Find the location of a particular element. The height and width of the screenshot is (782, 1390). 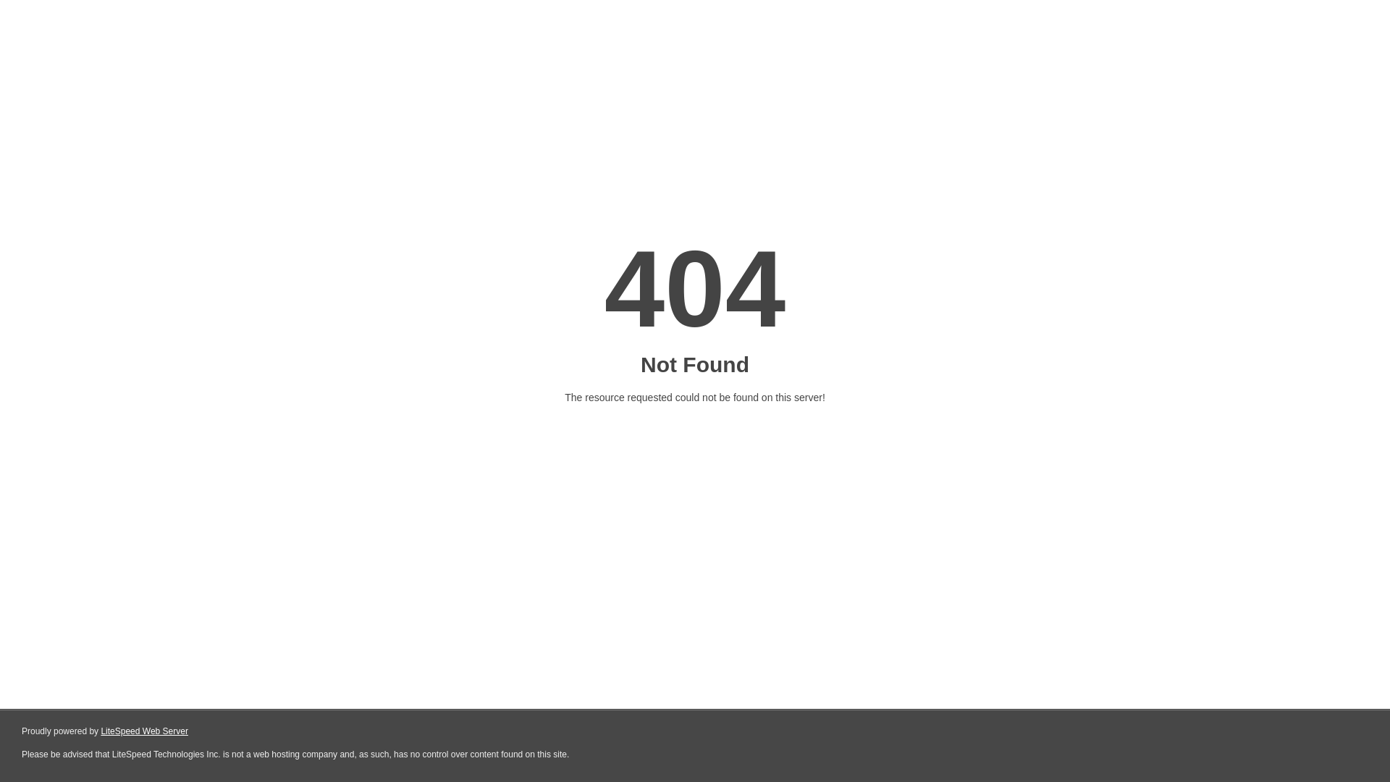

'LiteSpeed Web Server' is located at coordinates (100, 731).